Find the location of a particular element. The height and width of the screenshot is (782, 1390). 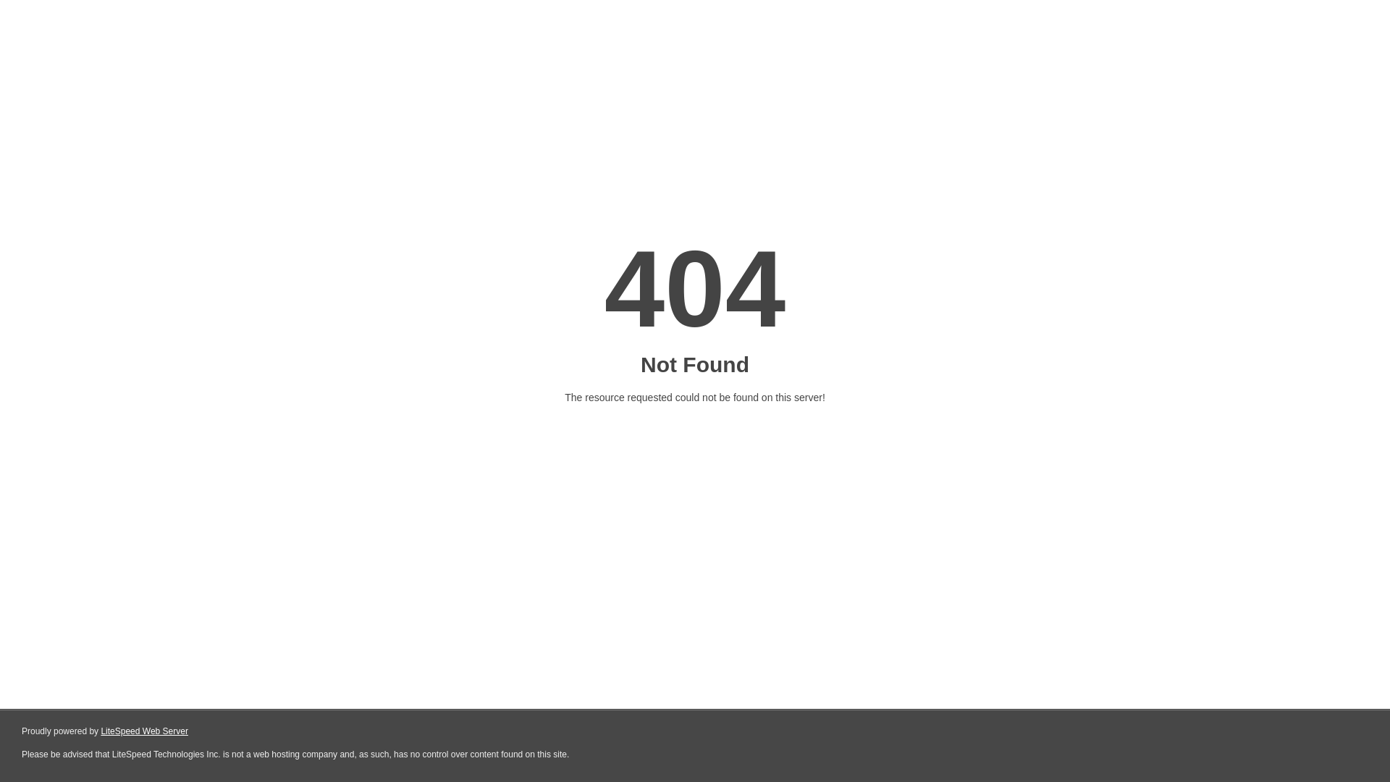

'LiteSpeed Web Server' is located at coordinates (100, 731).